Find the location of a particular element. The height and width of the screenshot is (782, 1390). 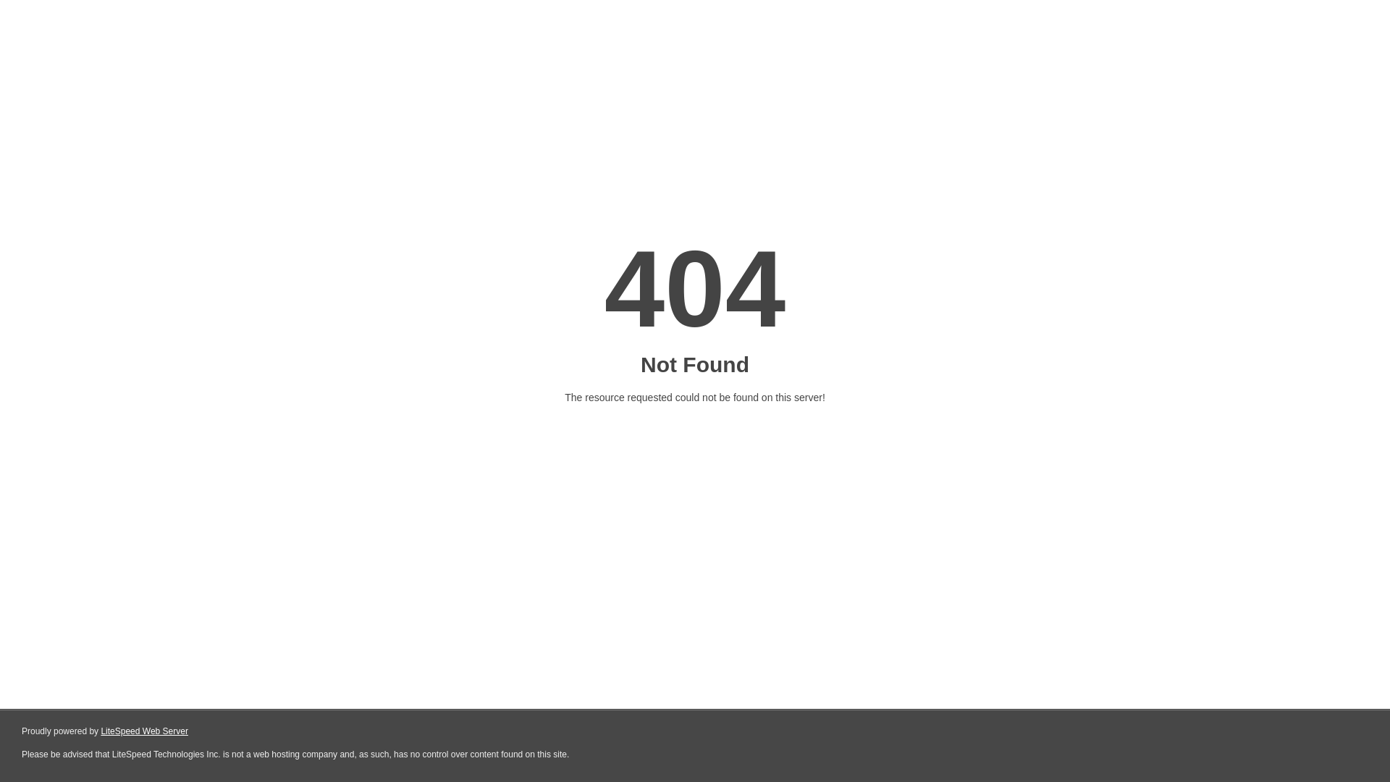

'LiteSpeed Web Server' is located at coordinates (100, 731).